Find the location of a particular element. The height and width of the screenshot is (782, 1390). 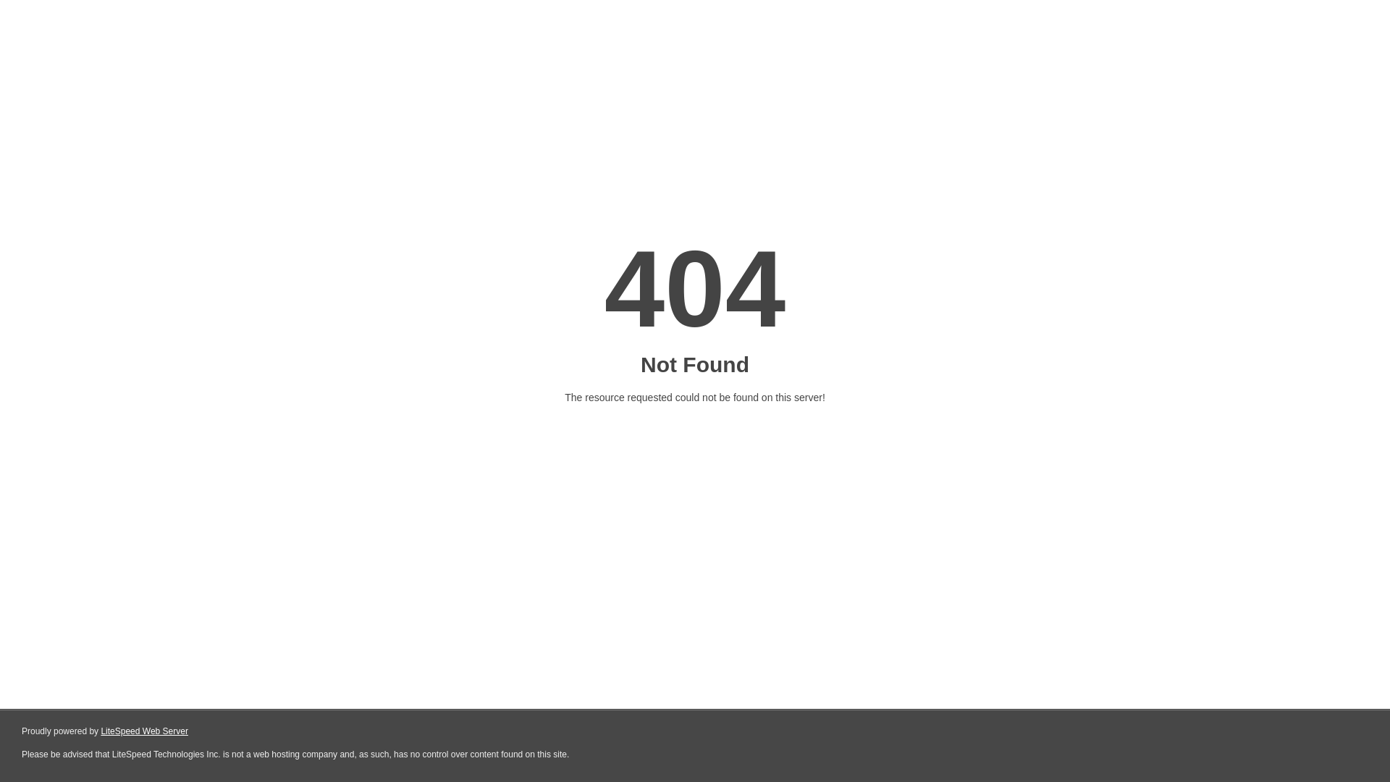

'LiteSpeed Web Server' is located at coordinates (100, 731).